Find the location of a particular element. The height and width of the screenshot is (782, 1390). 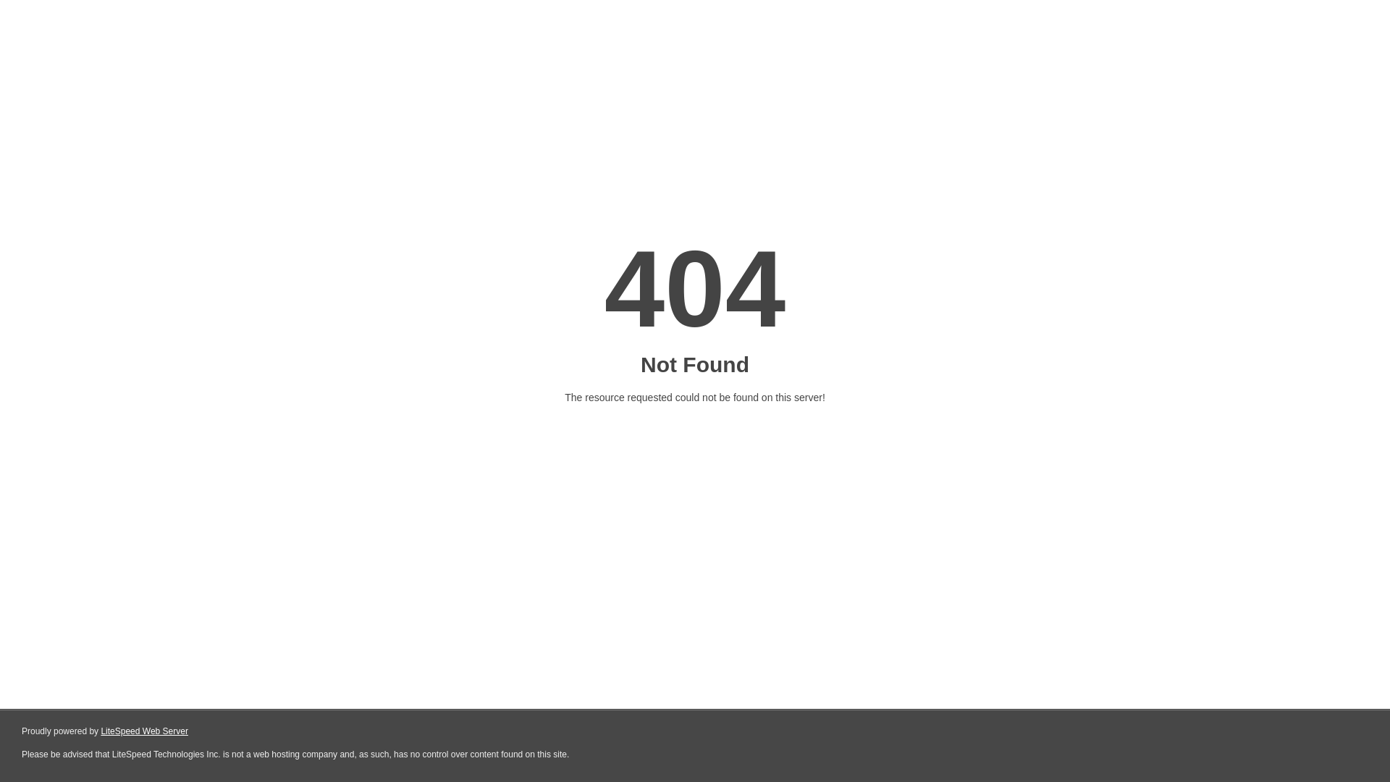

'LiteSpeed Web Server' is located at coordinates (100, 731).